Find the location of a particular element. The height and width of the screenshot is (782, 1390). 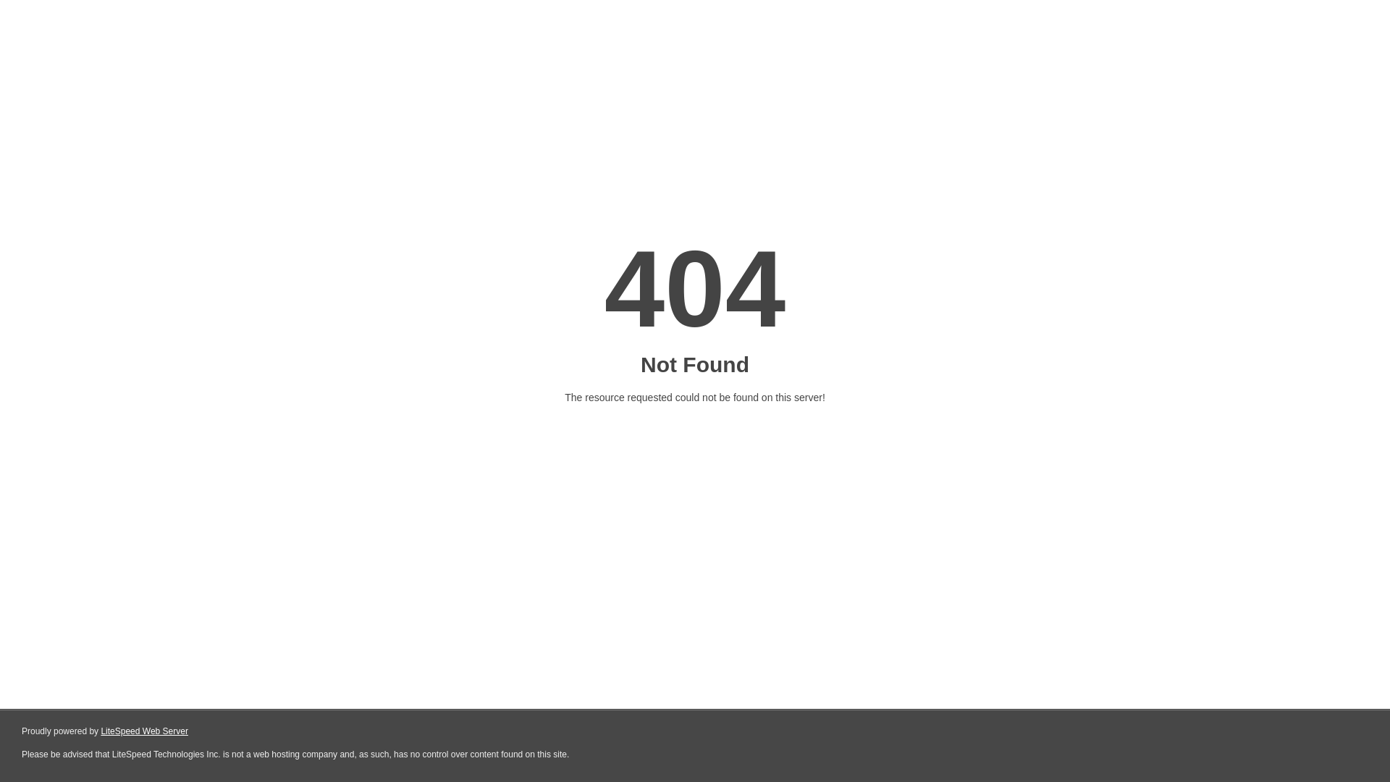

'LiteSpeed Web Server' is located at coordinates (100, 731).